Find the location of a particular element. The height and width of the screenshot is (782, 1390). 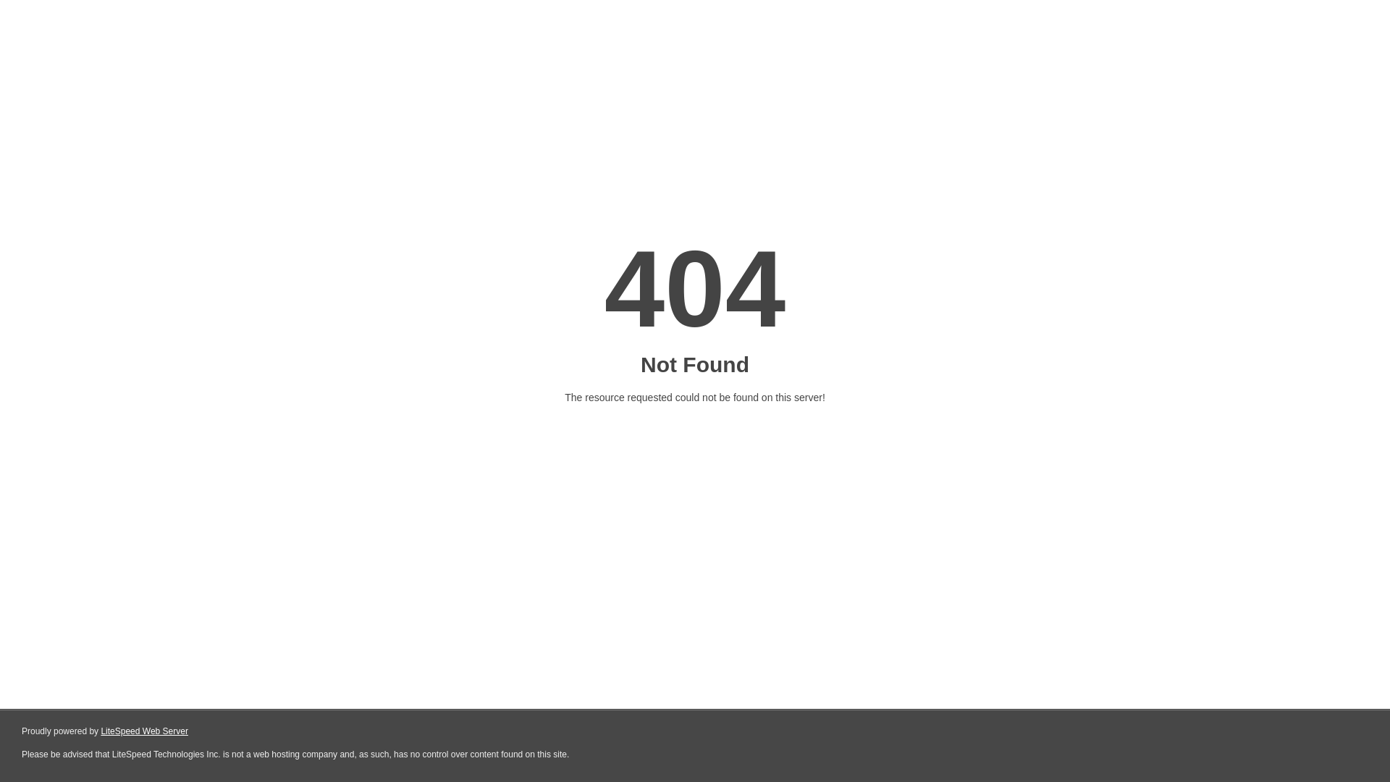

'LiteSpeed Web Server' is located at coordinates (100, 731).